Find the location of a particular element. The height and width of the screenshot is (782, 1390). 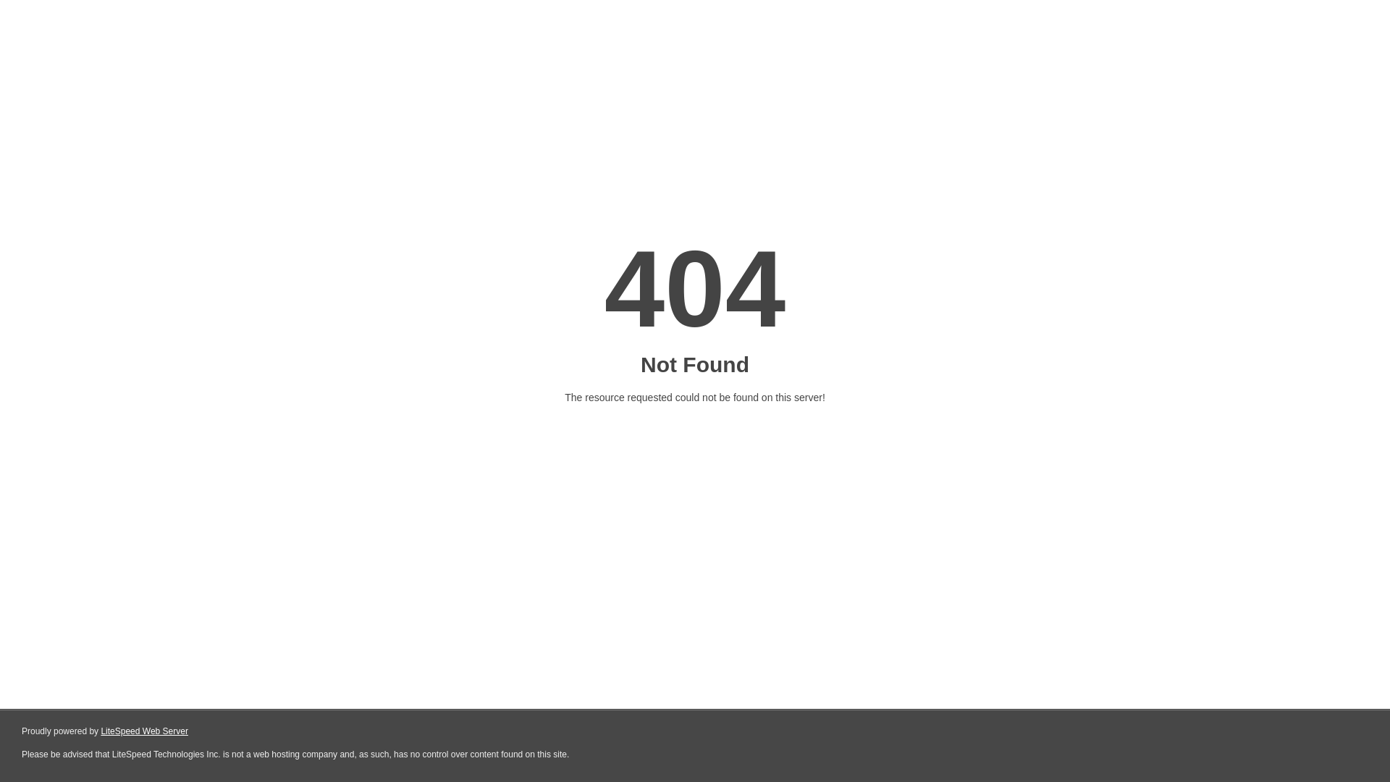

'LiteSpeed Web Server' is located at coordinates (100, 731).